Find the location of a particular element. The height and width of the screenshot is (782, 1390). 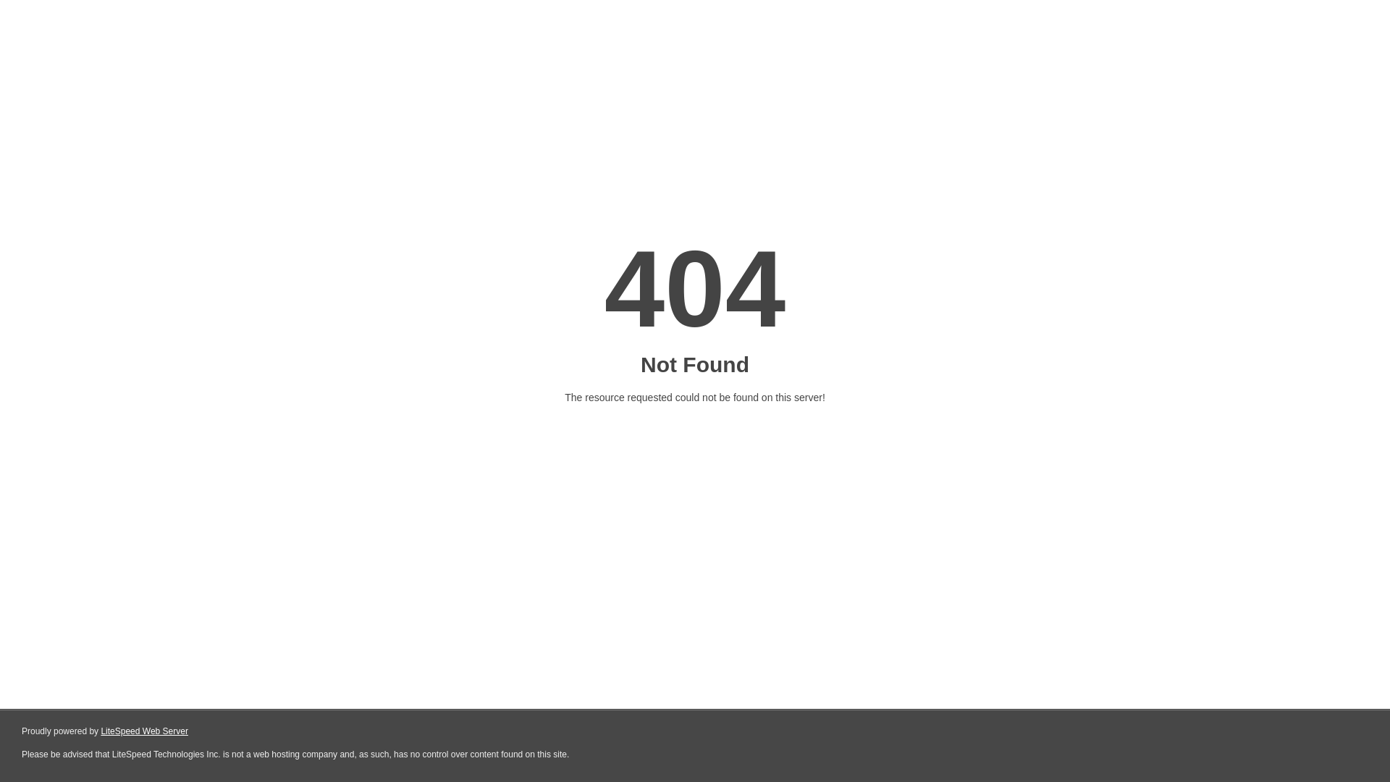

'LiteSpeed Web Server' is located at coordinates (100, 731).